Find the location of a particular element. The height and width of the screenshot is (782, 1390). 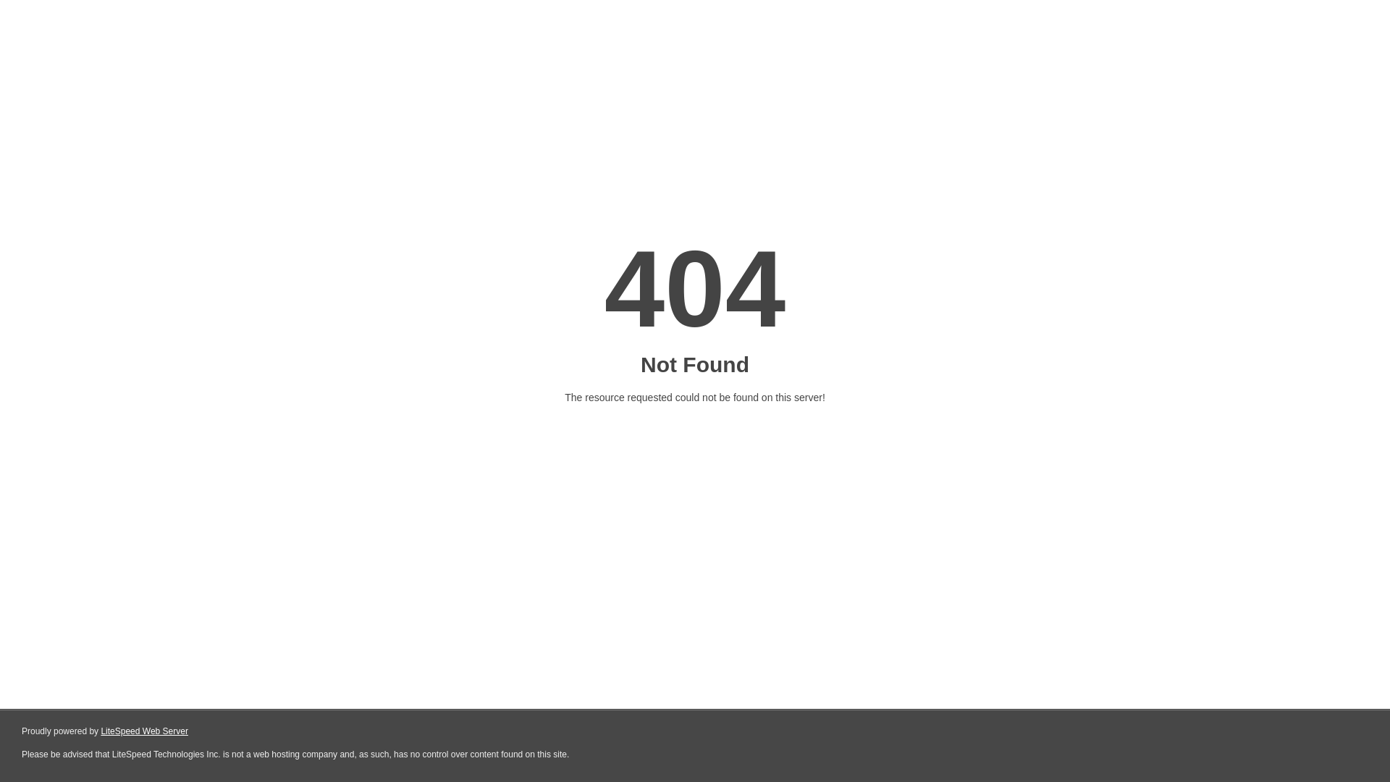

'LiteSpeed Web Server' is located at coordinates (100, 731).